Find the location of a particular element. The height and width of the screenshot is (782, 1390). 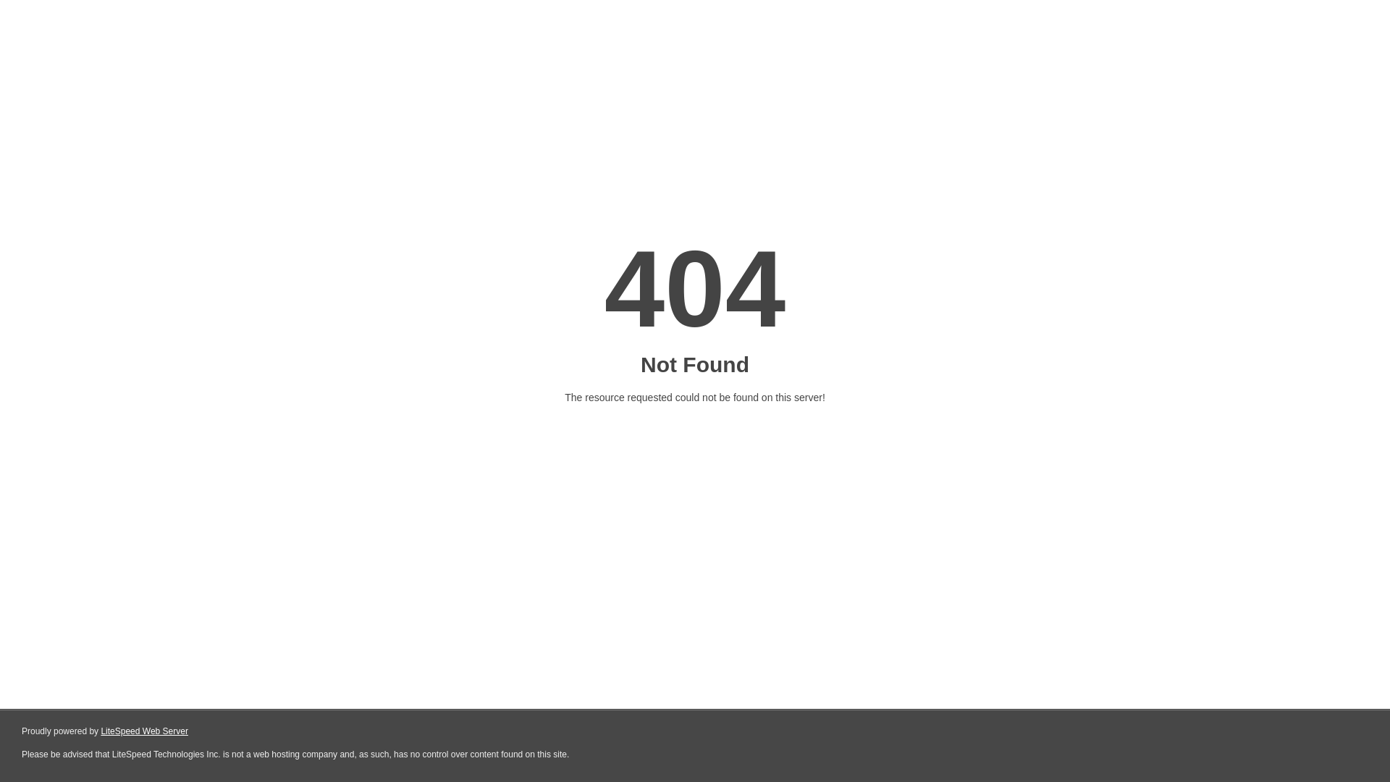

'LiteSpeed Web Server' is located at coordinates (100, 731).